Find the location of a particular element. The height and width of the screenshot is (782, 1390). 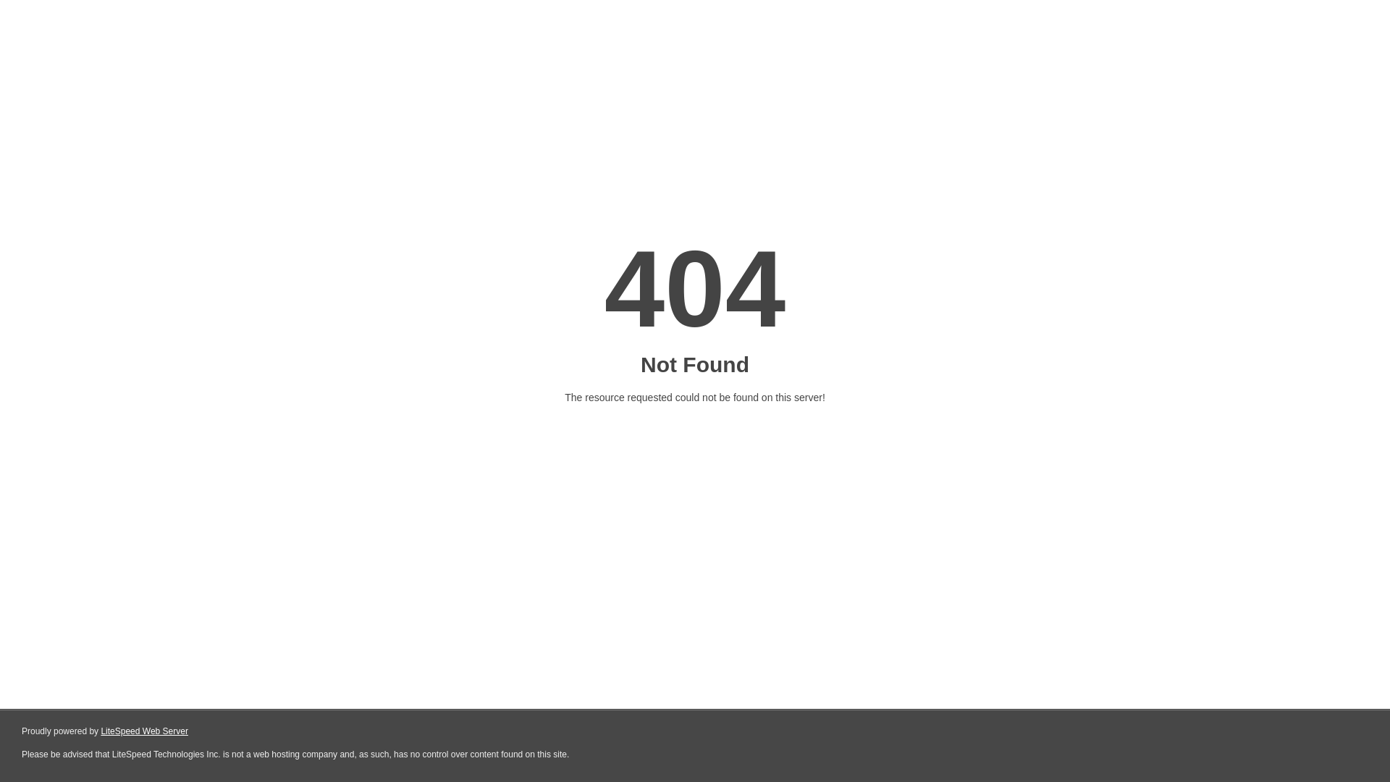

'LiteSpeed Web Server' is located at coordinates (100, 731).